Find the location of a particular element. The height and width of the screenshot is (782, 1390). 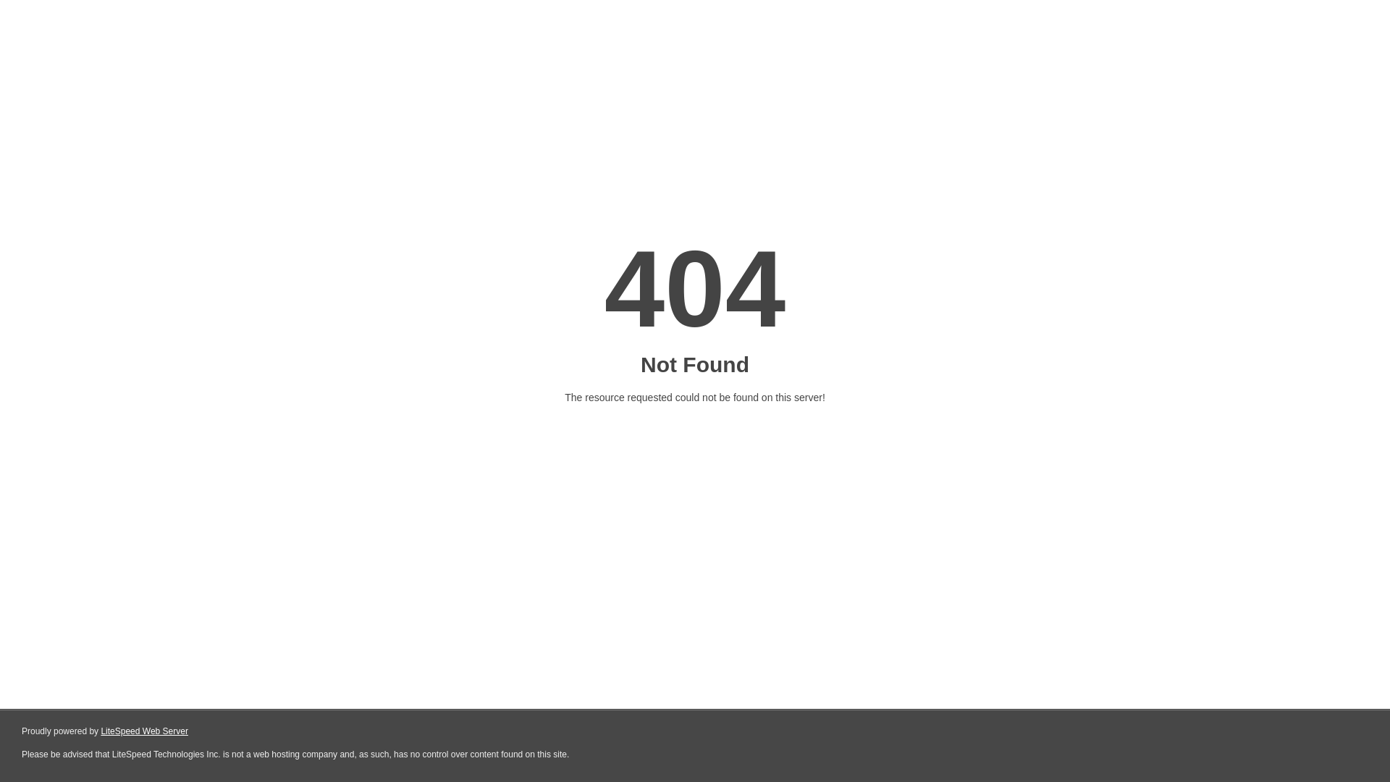

'LiteSpeed Web Server' is located at coordinates (100, 731).